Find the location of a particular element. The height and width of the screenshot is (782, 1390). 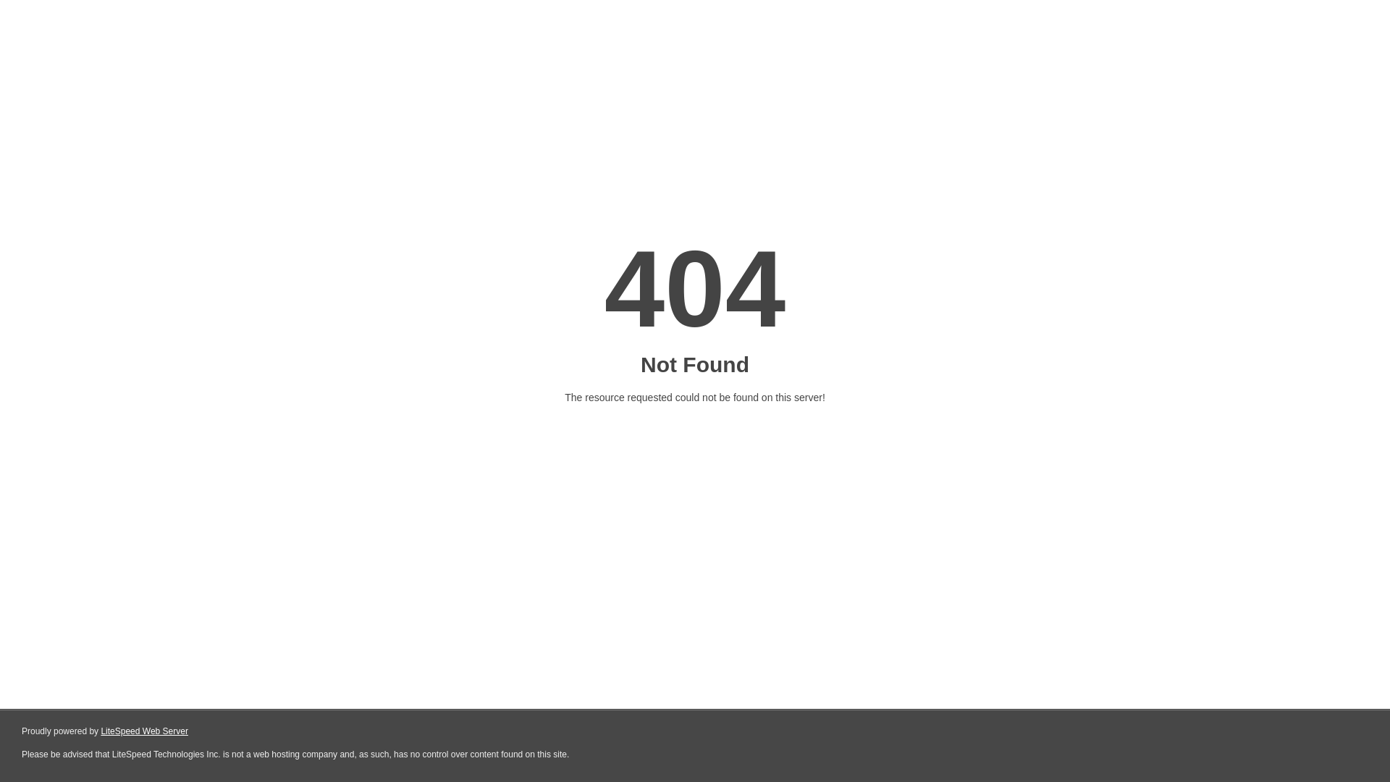

'LiteSpeed Web Server' is located at coordinates (100, 731).